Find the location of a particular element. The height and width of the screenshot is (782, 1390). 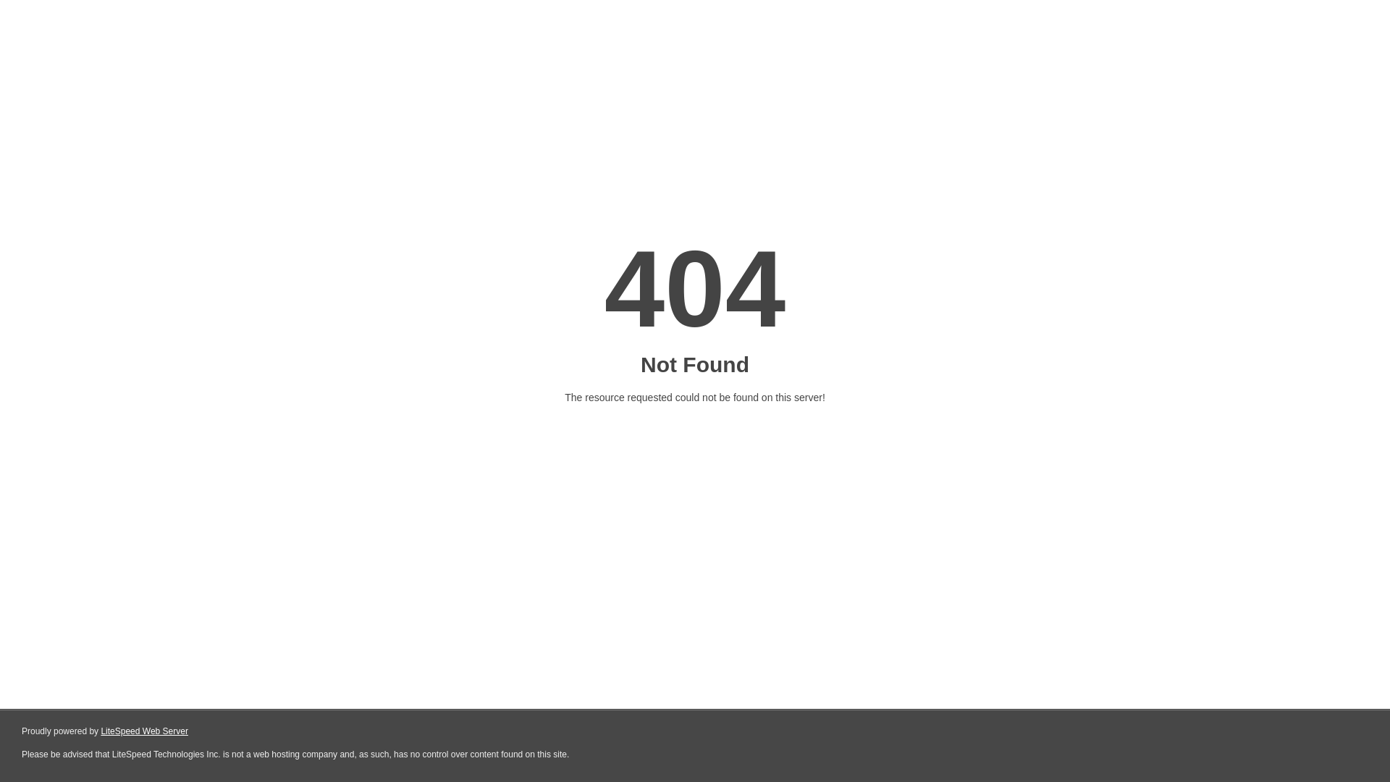

'LiteSpeed Web Server' is located at coordinates (100, 731).